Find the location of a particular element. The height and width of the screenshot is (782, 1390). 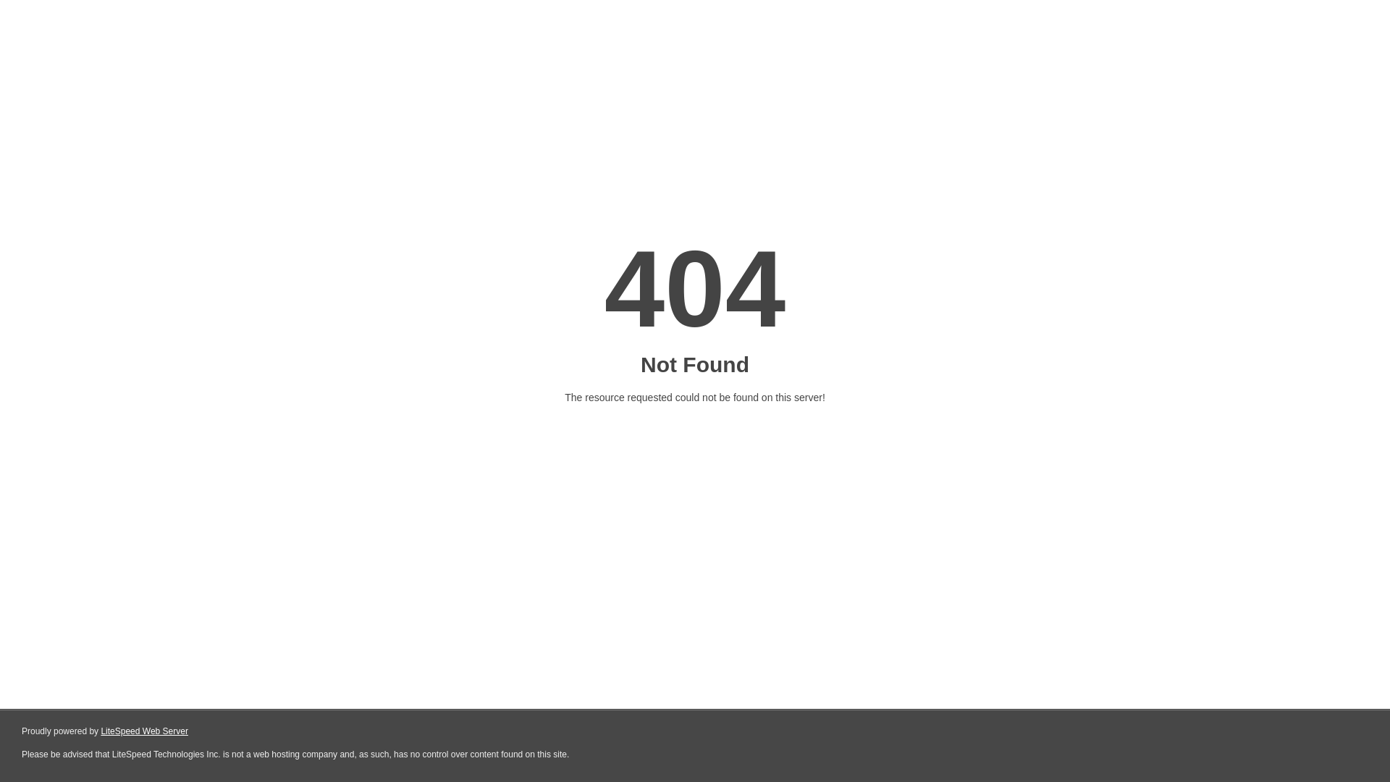

'LiteSpeed Web Server' is located at coordinates (100, 731).